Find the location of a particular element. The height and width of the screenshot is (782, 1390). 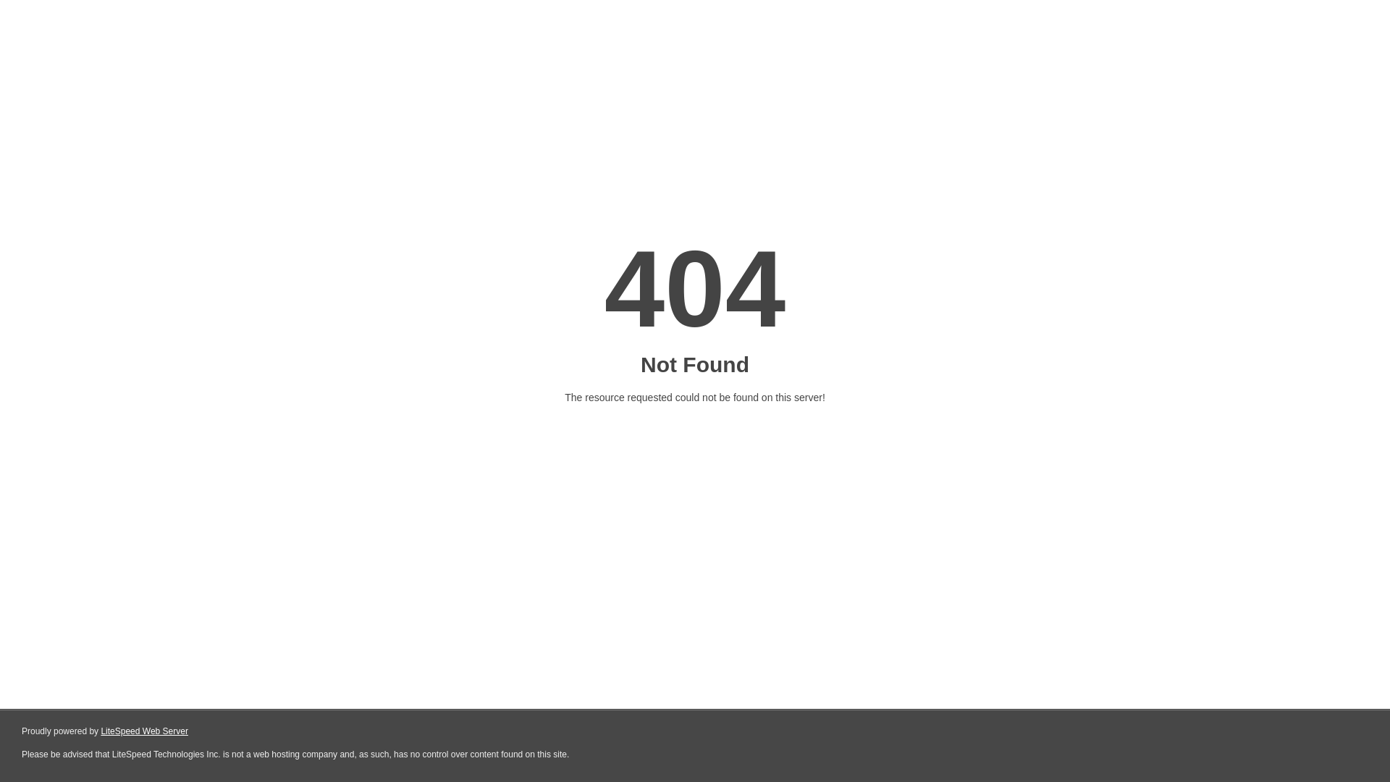

'LiteSpeed Web Server' is located at coordinates (100, 731).